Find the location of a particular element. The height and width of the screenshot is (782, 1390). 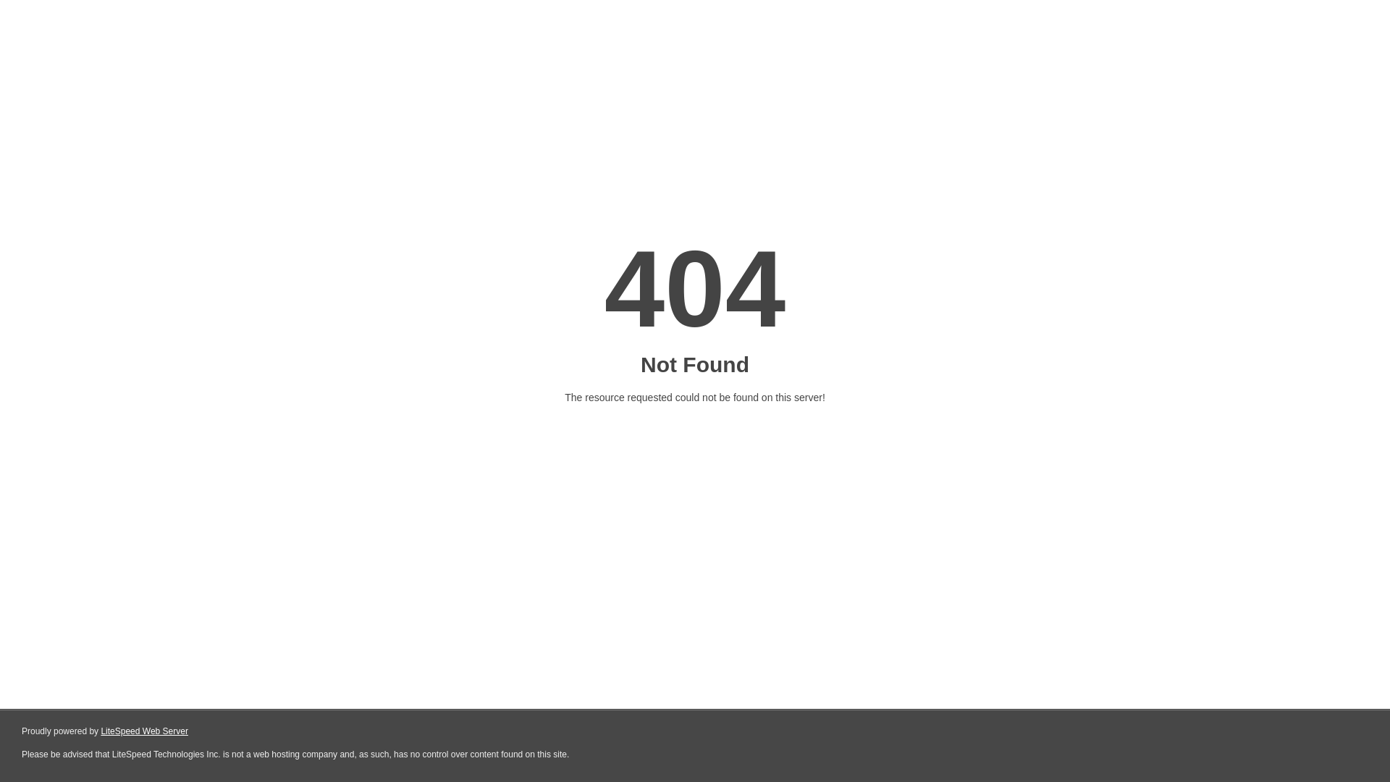

'LiteSpeed Web Server' is located at coordinates (100, 731).